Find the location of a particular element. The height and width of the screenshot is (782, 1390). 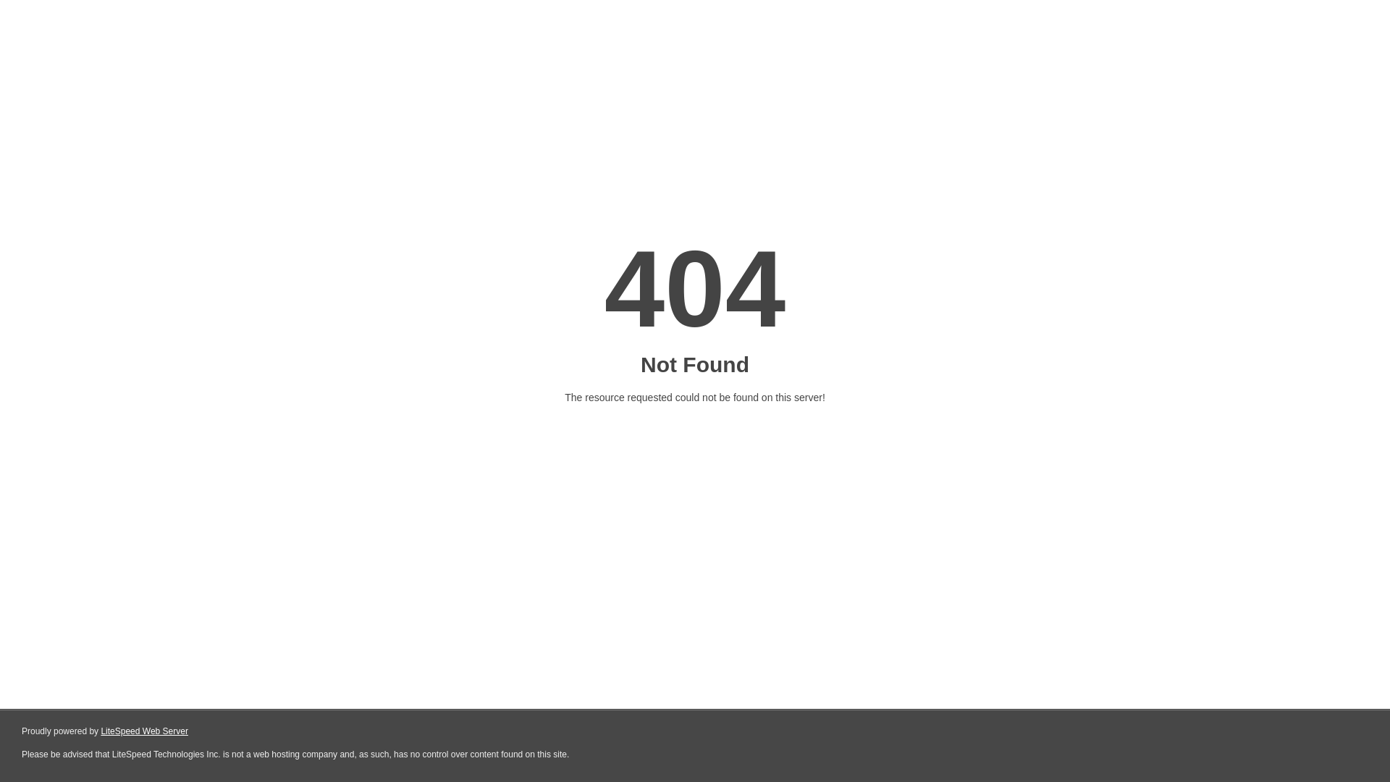

'LiteSpeed Web Server' is located at coordinates (100, 731).